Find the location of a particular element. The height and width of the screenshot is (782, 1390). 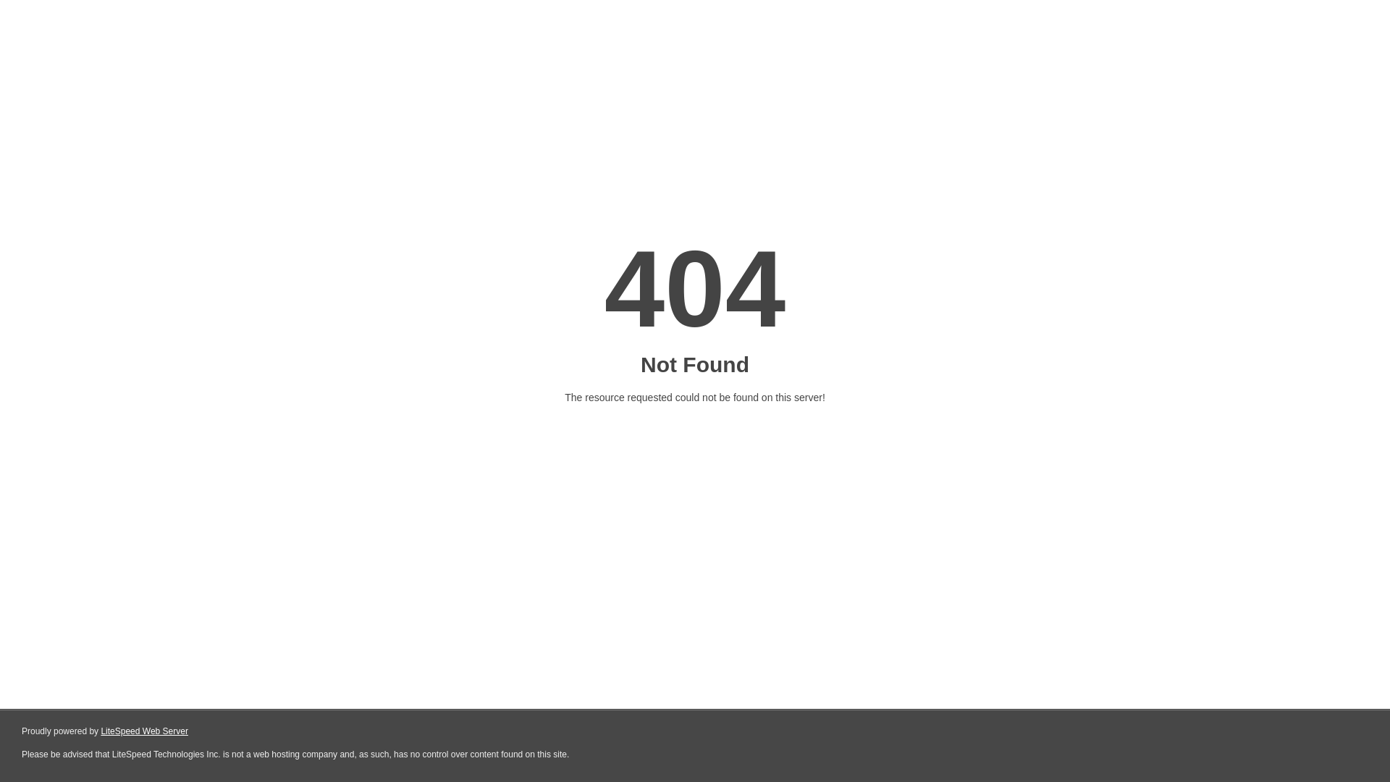

'LiteSpeed Web Server' is located at coordinates (100, 731).